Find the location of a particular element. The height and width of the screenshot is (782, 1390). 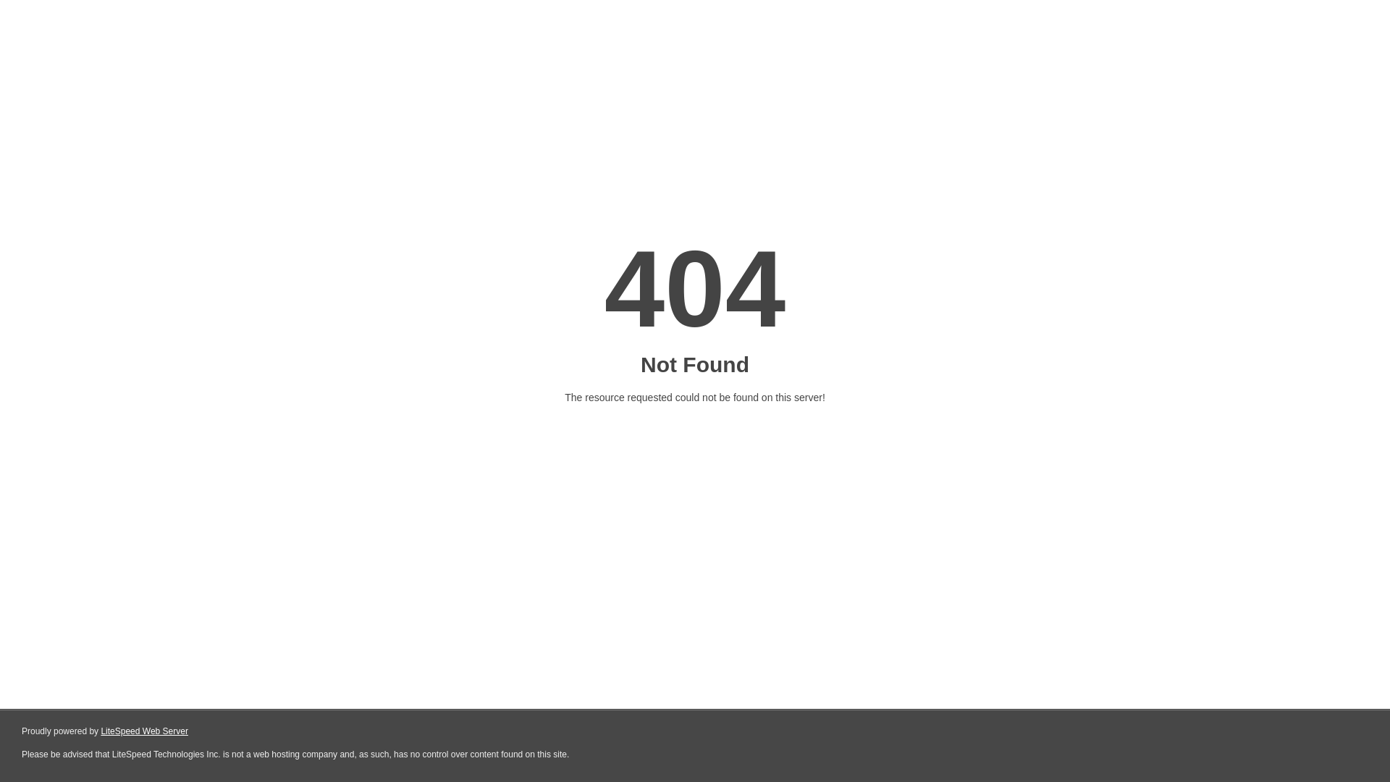

'LiteSpeed Web Server' is located at coordinates (100, 731).